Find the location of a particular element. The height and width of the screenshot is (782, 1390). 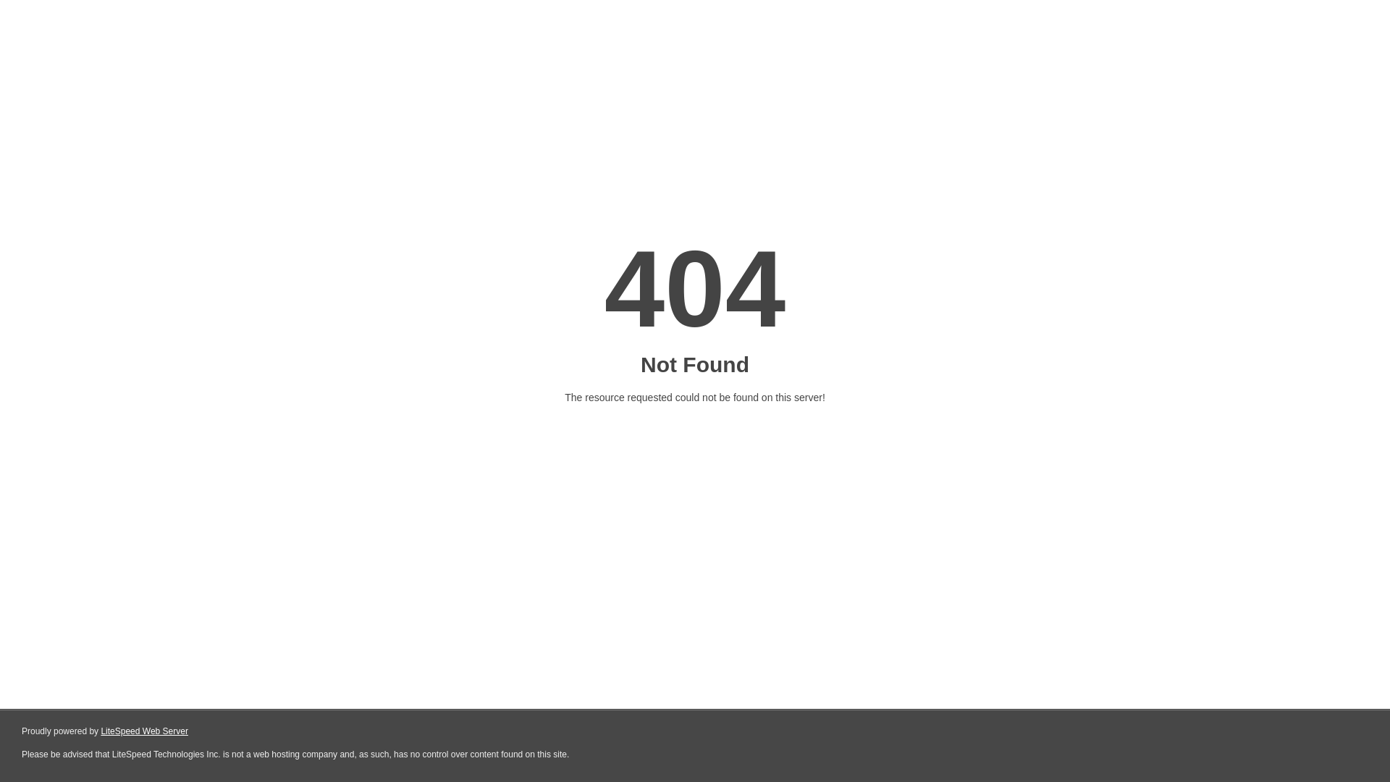

'LiteSpeed Web Server' is located at coordinates (100, 731).